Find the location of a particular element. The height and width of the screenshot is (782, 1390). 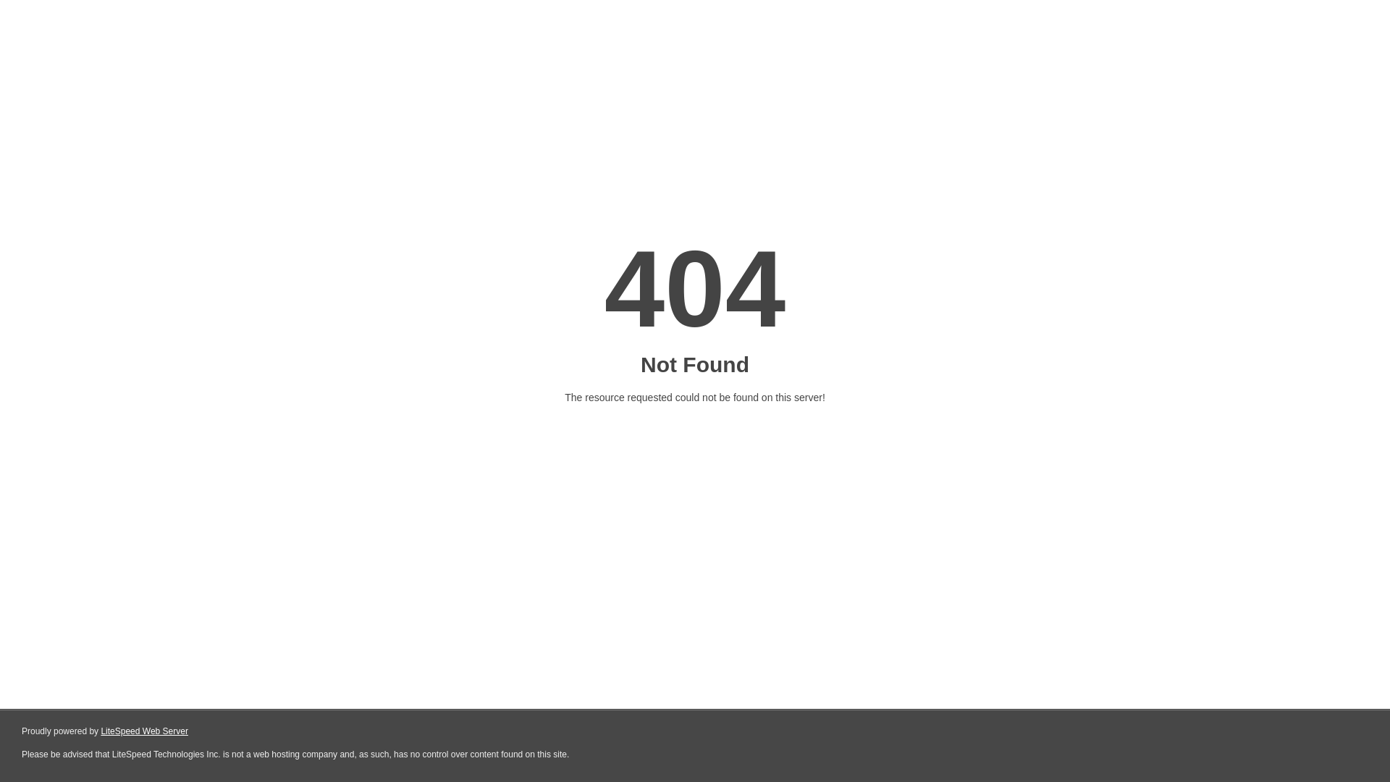

'LiteSpeed Web Server' is located at coordinates (100, 731).